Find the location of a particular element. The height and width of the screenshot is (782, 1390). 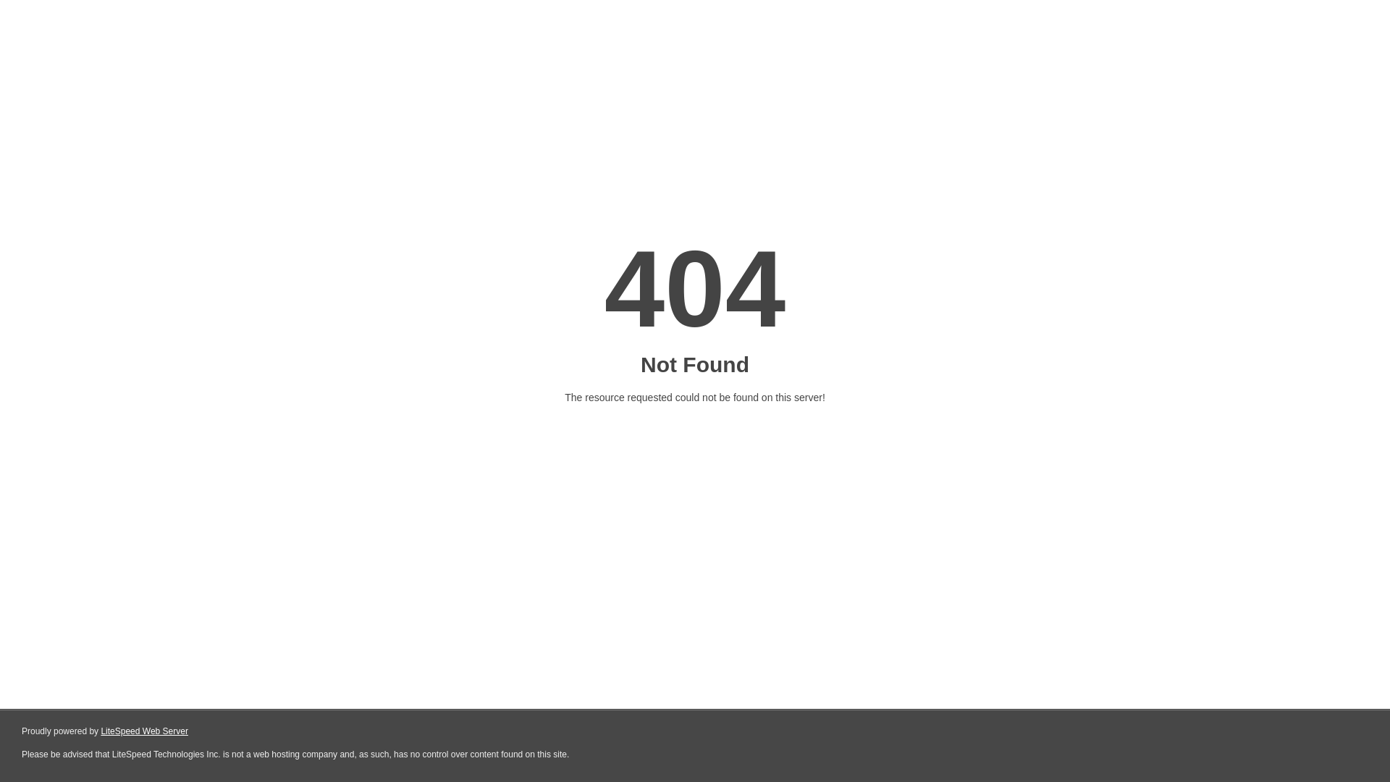

'LiteSpeed Web Server' is located at coordinates (100, 731).